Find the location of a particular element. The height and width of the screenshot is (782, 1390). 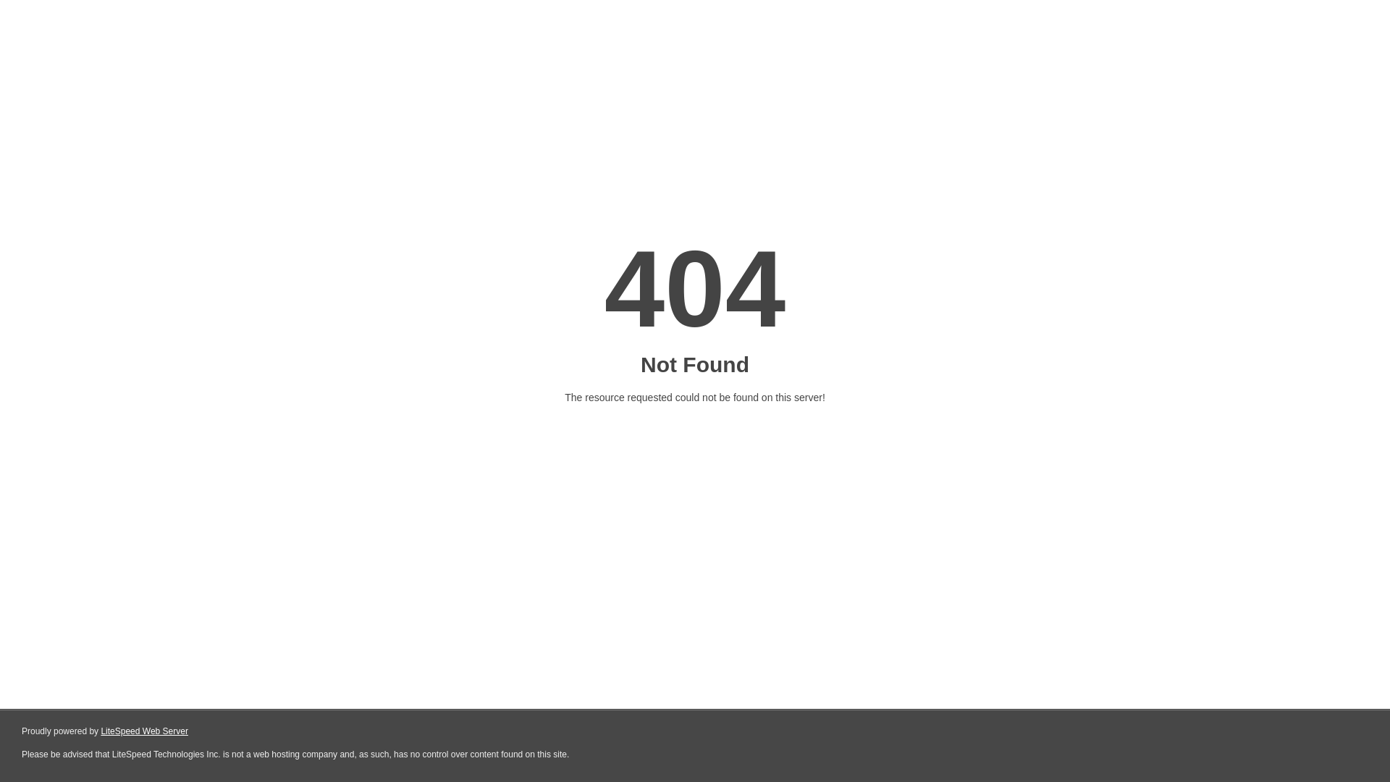

'LiteSpeed Web Server' is located at coordinates (100, 731).